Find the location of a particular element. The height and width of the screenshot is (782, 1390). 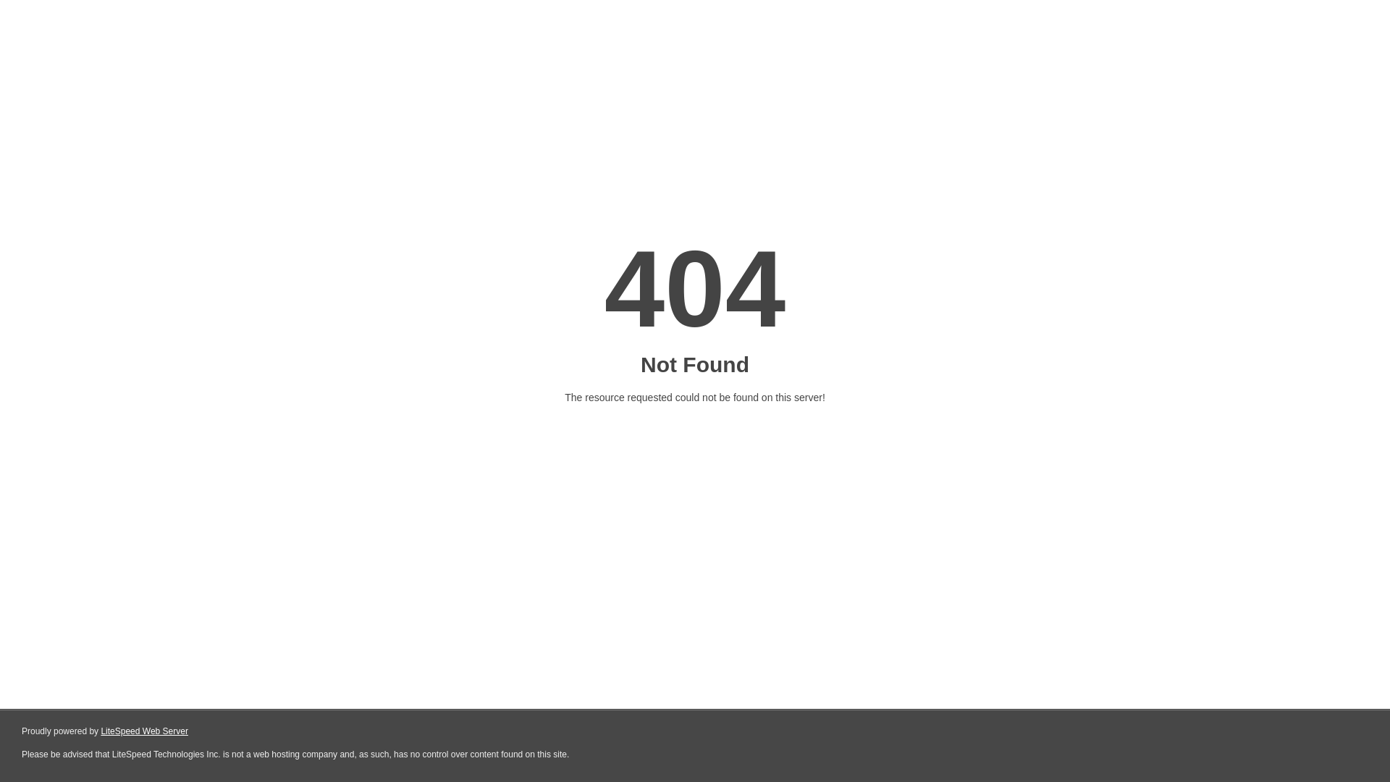

'LiteSpeed Web Server' is located at coordinates (100, 731).